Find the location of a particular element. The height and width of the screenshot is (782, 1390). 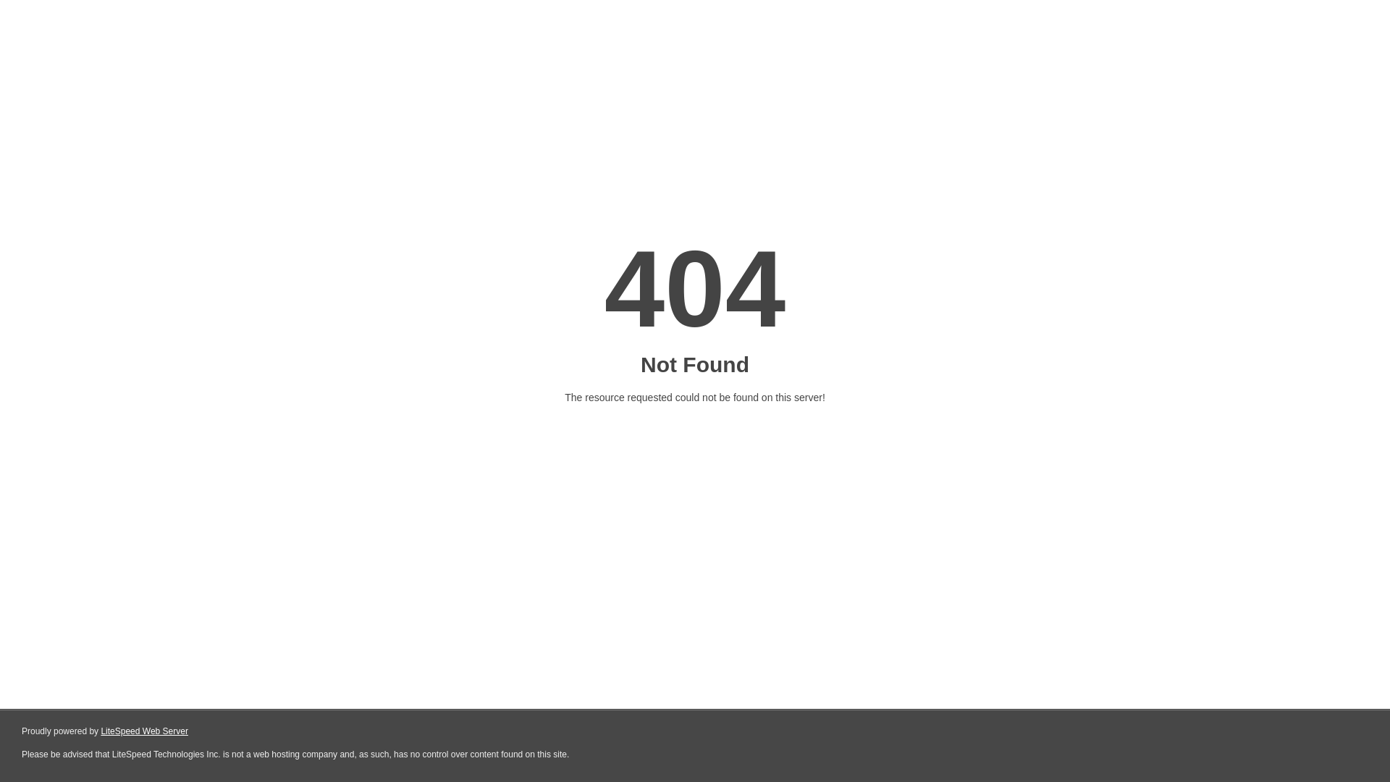

'LiteSpeed Web Server' is located at coordinates (100, 731).